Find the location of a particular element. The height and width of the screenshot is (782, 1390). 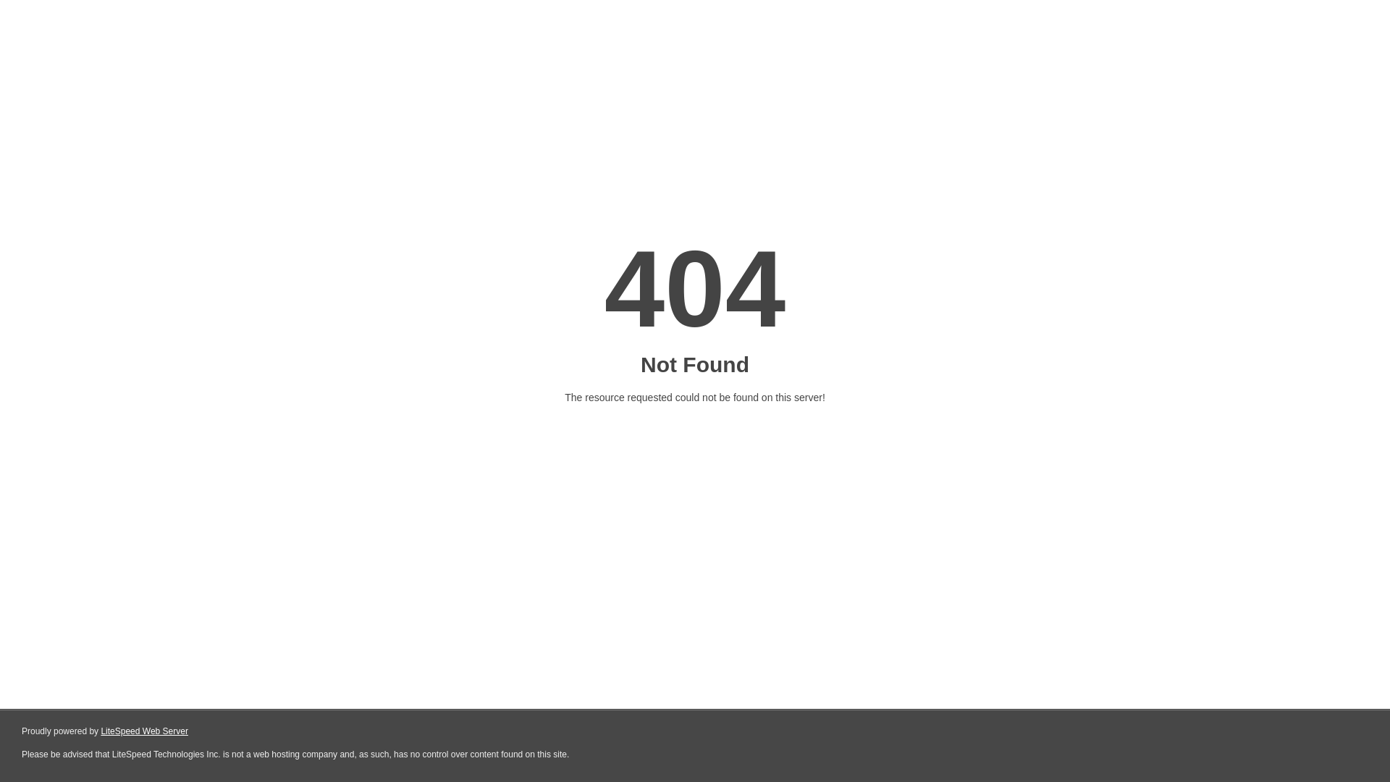

'LiteSpeed Web Server' is located at coordinates (100, 731).